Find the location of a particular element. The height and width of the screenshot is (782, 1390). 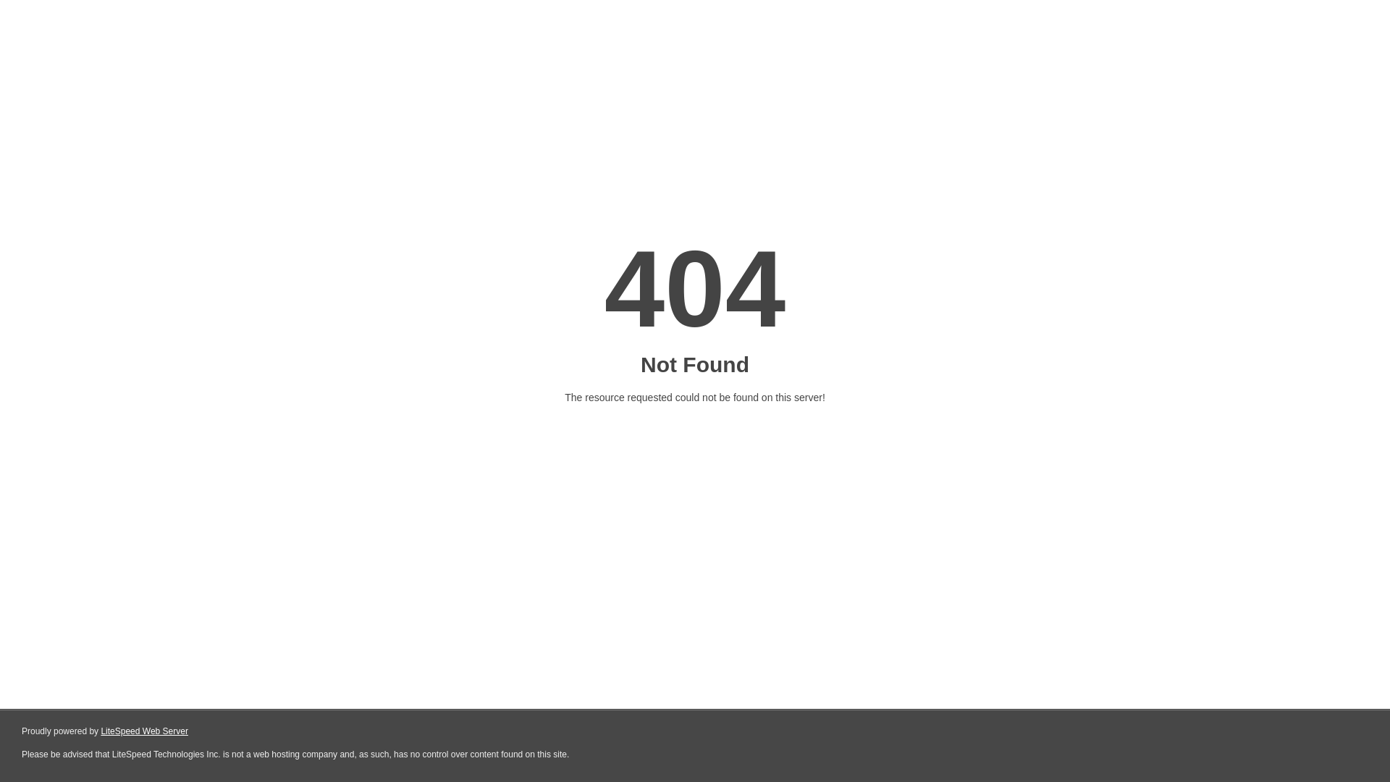

'LiteSpeed Web Server' is located at coordinates (100, 731).